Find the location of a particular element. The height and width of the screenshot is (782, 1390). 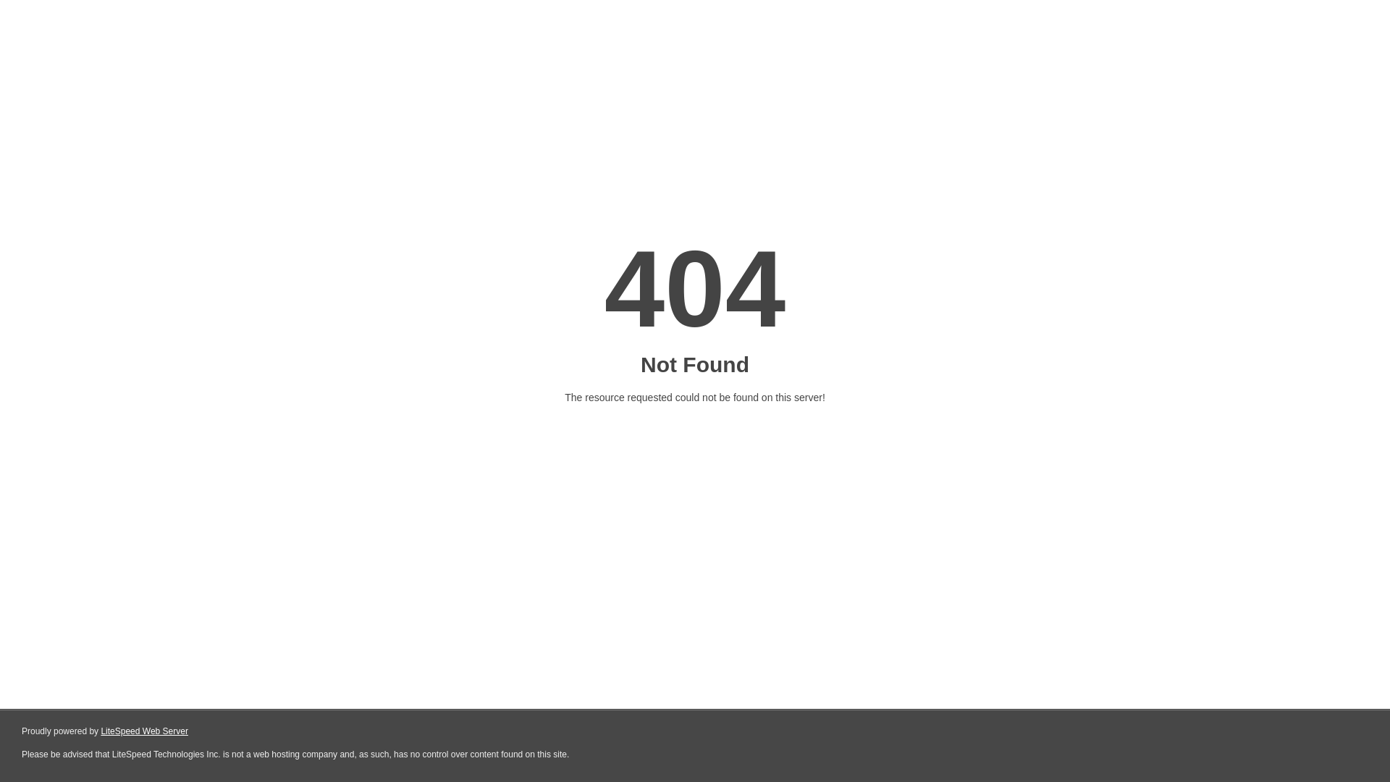

'LiteSpeed Web Server' is located at coordinates (100, 731).